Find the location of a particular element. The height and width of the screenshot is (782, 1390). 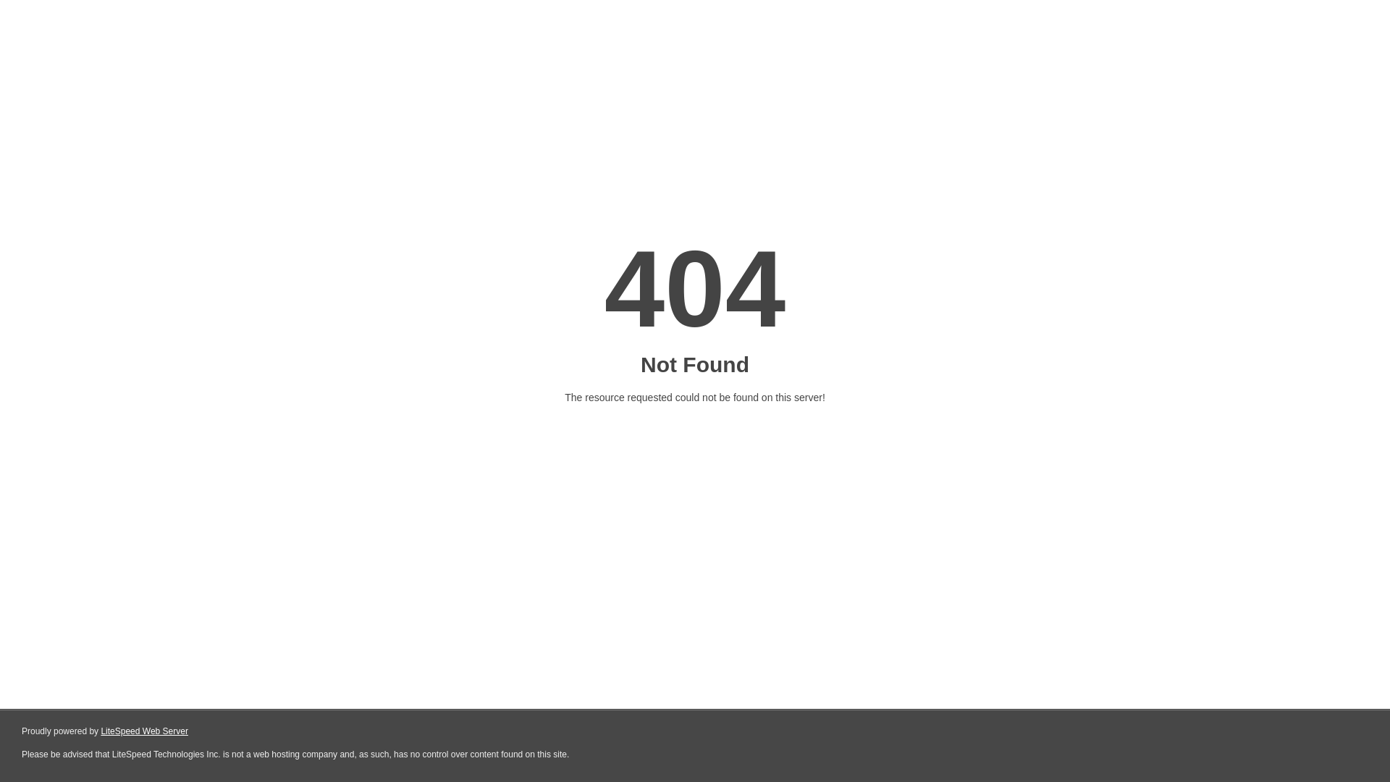

'LiteSpeed Web Server' is located at coordinates (100, 731).